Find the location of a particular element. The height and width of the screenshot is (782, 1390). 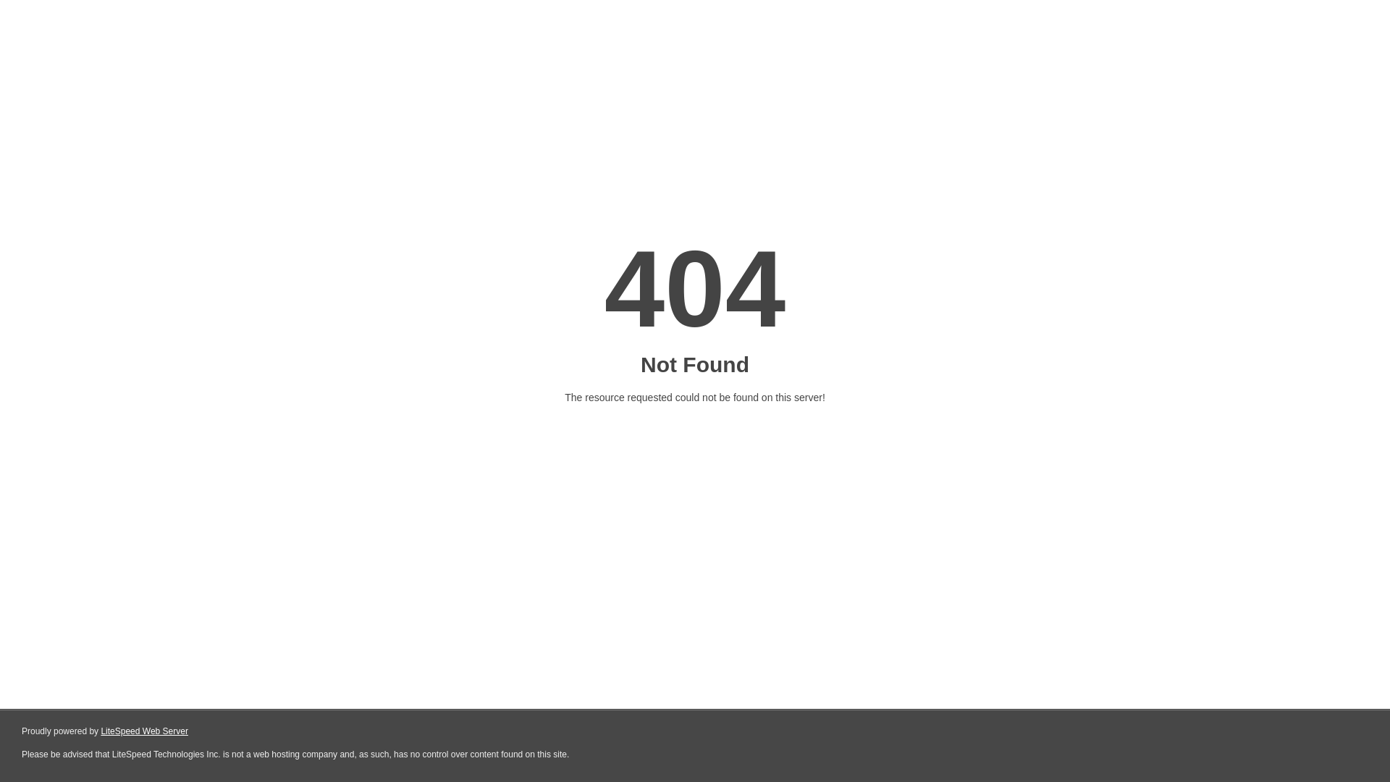

'LiteSpeed Web Server' is located at coordinates (100, 731).